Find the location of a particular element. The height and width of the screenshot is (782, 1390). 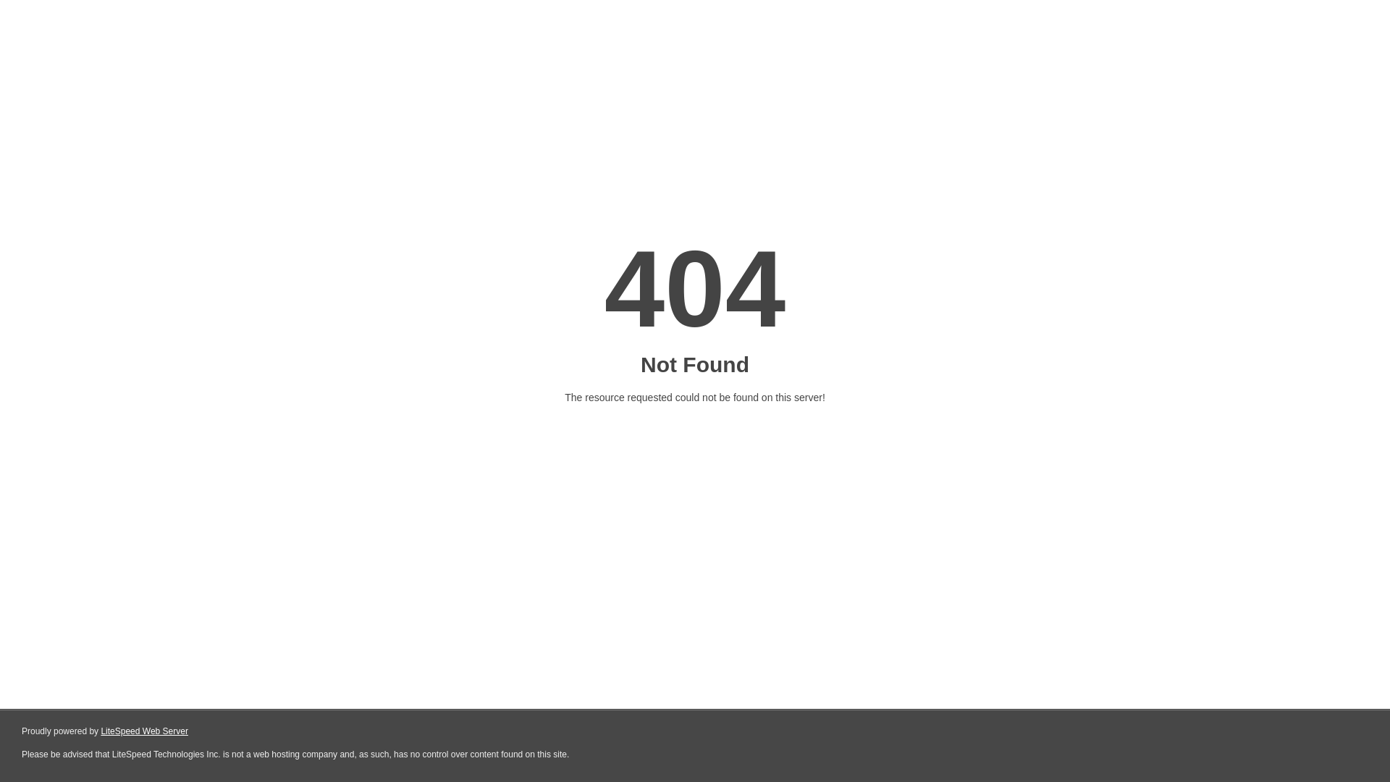

'LiteSpeed Web Server' is located at coordinates (100, 731).